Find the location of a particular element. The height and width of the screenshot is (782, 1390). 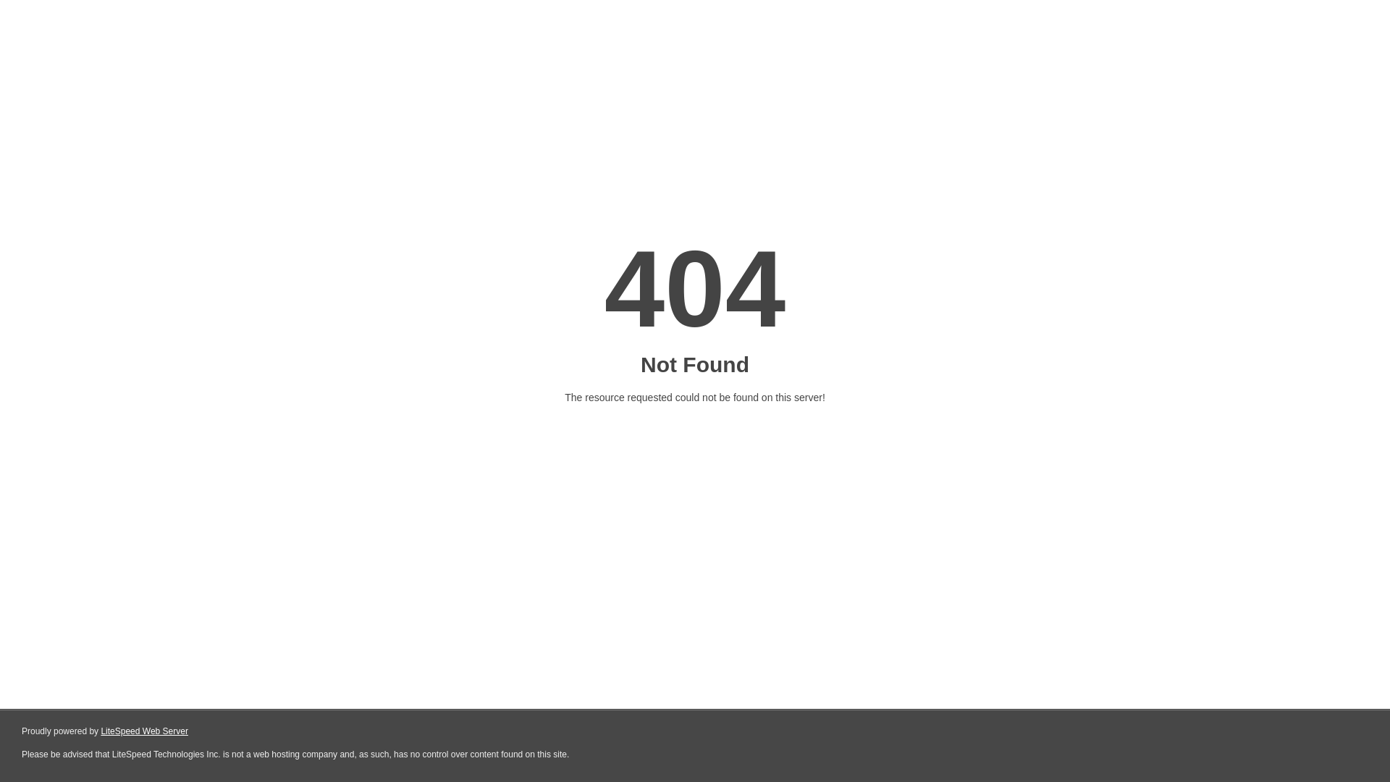

'LiteSpeed Web Server' is located at coordinates (100, 731).